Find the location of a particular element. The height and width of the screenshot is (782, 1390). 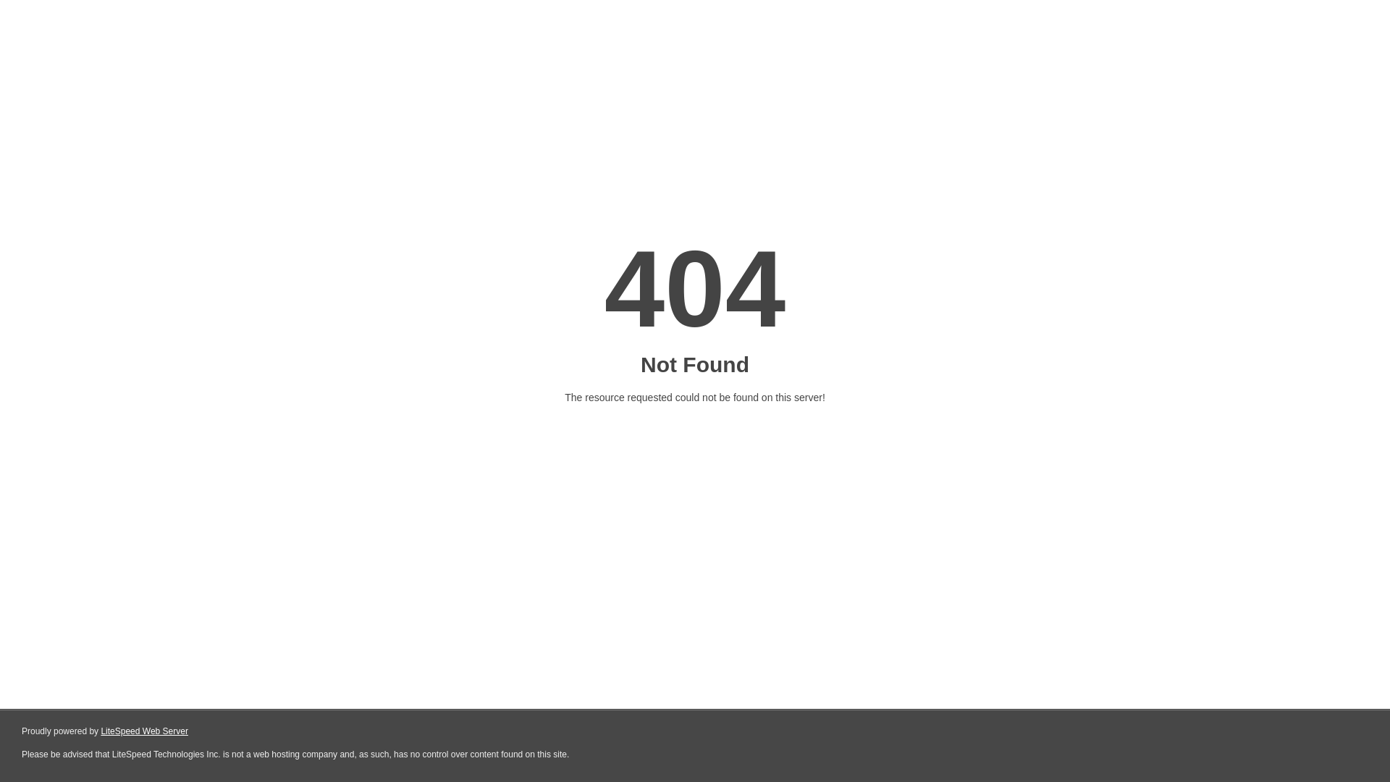

'LiteSpeed Web Server' is located at coordinates (100, 731).